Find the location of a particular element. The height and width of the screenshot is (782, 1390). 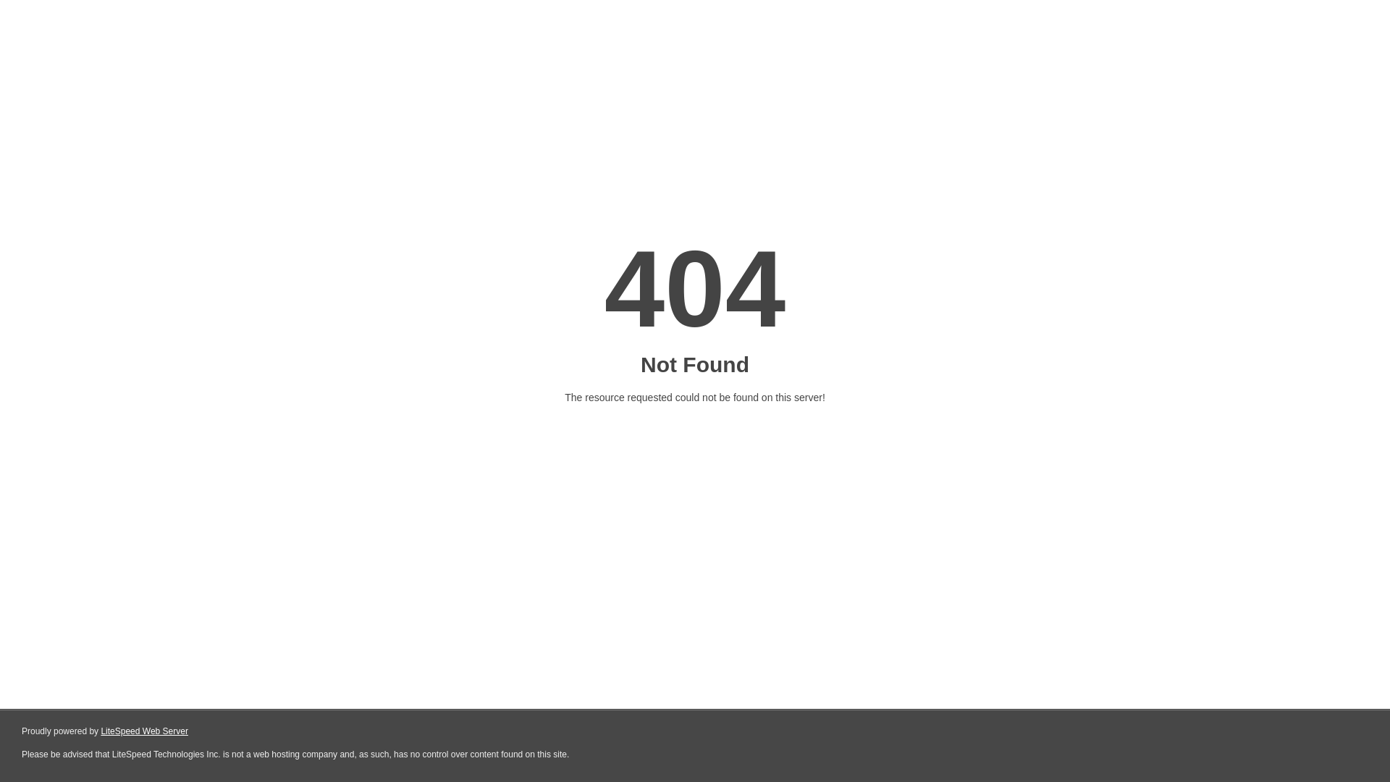

'LiteSpeed Web Server' is located at coordinates (100, 731).